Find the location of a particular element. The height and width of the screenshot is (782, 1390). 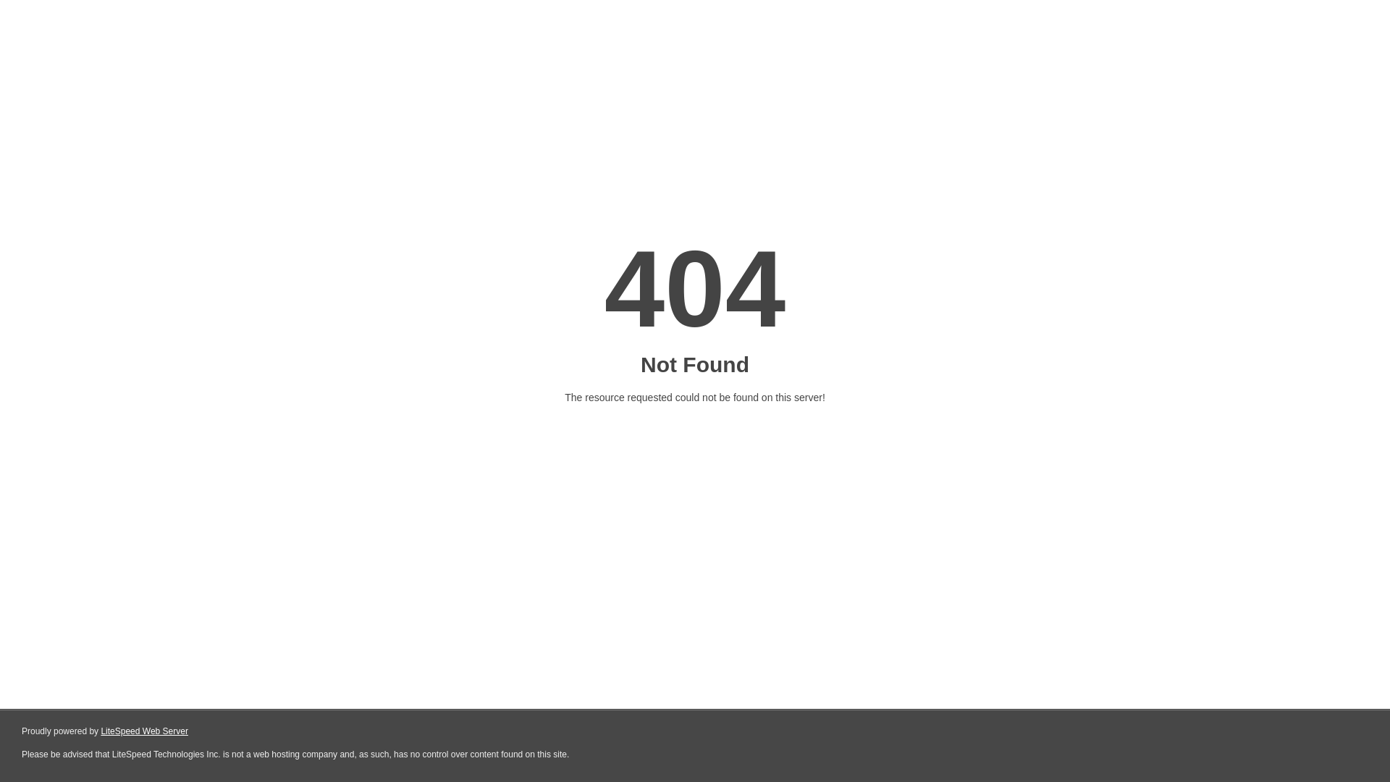

'LiteSpeed Web Server' is located at coordinates (100, 731).